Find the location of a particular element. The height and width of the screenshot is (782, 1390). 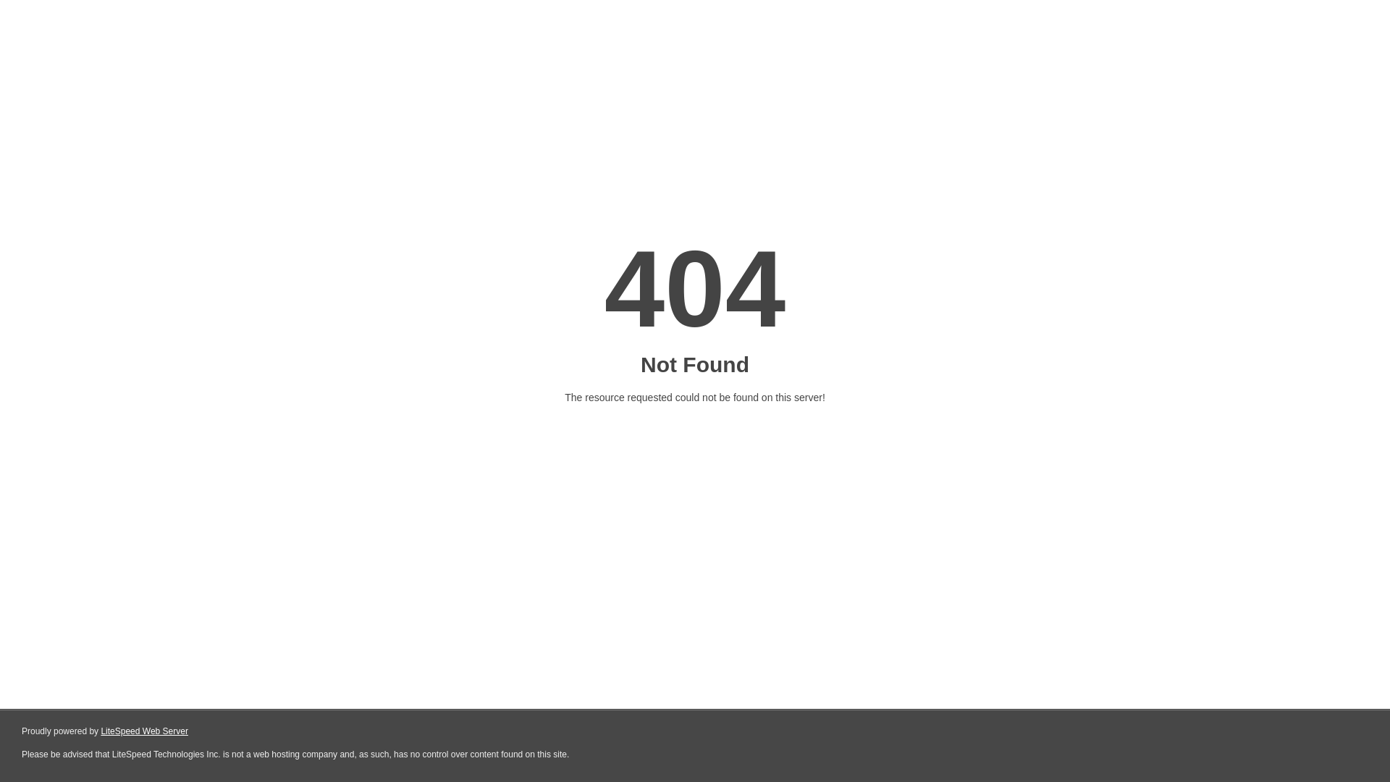

'LiteSpeed Web Server' is located at coordinates (100, 731).